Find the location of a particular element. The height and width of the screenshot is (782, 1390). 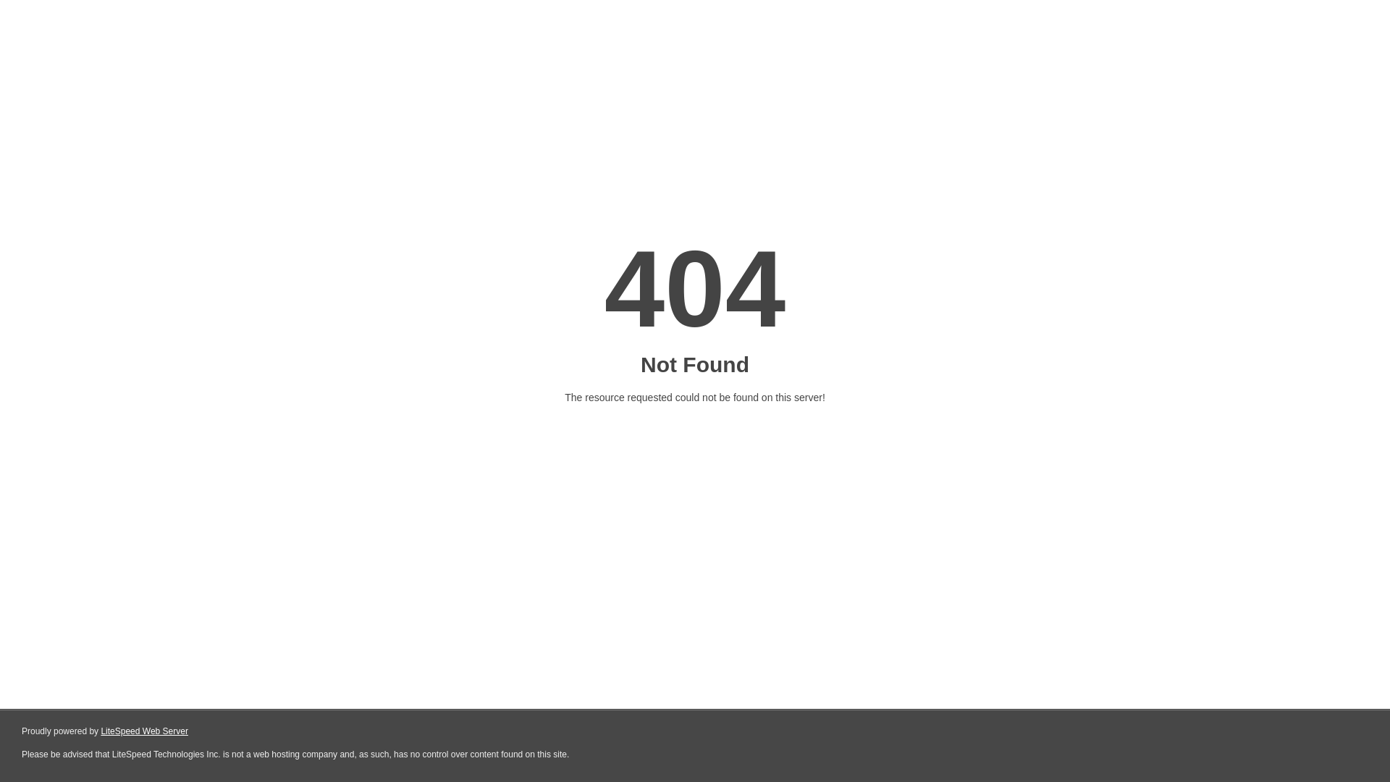

'LiteSpeed Web Server' is located at coordinates (100, 731).